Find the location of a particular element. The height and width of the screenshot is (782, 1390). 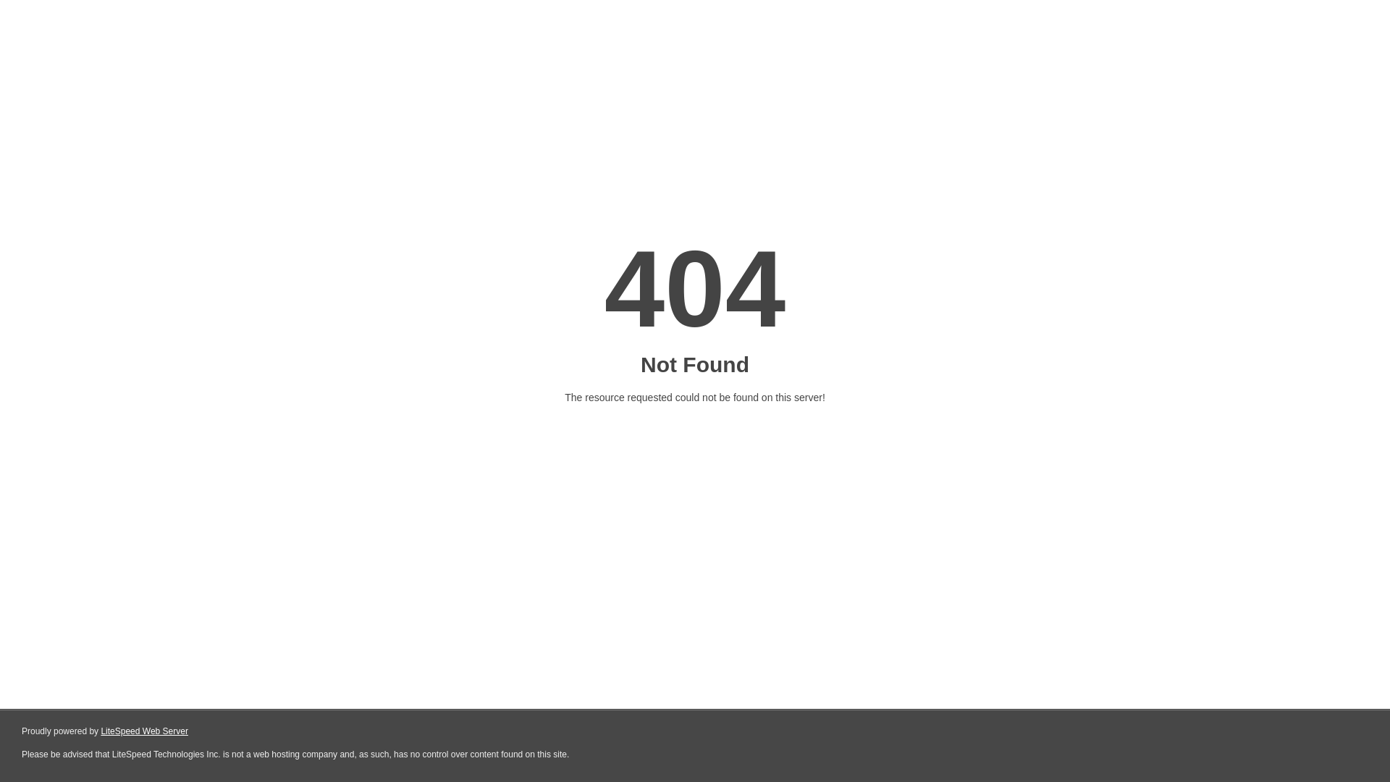

'LiteSpeed Web Server' is located at coordinates (100, 731).